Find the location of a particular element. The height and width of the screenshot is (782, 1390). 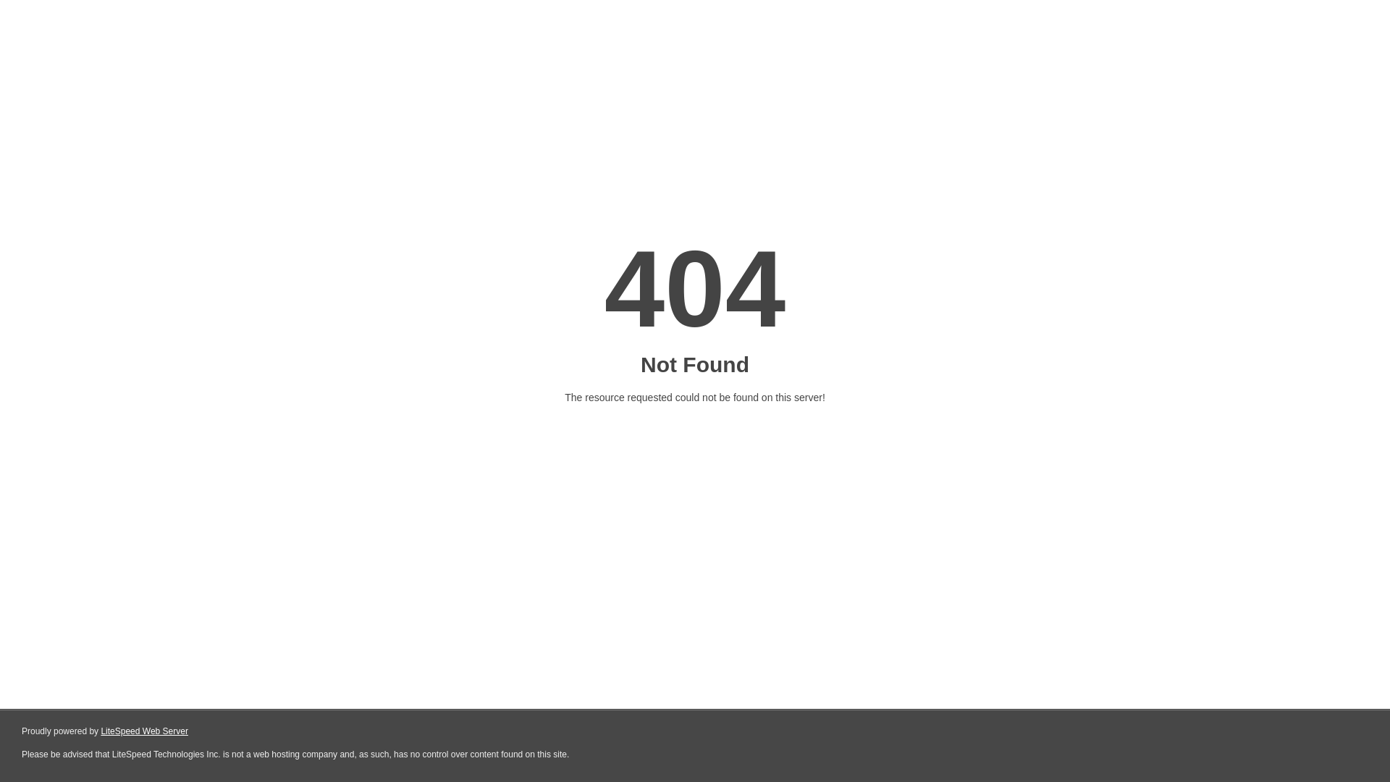

'LiteSpeed Web Server' is located at coordinates (100, 731).